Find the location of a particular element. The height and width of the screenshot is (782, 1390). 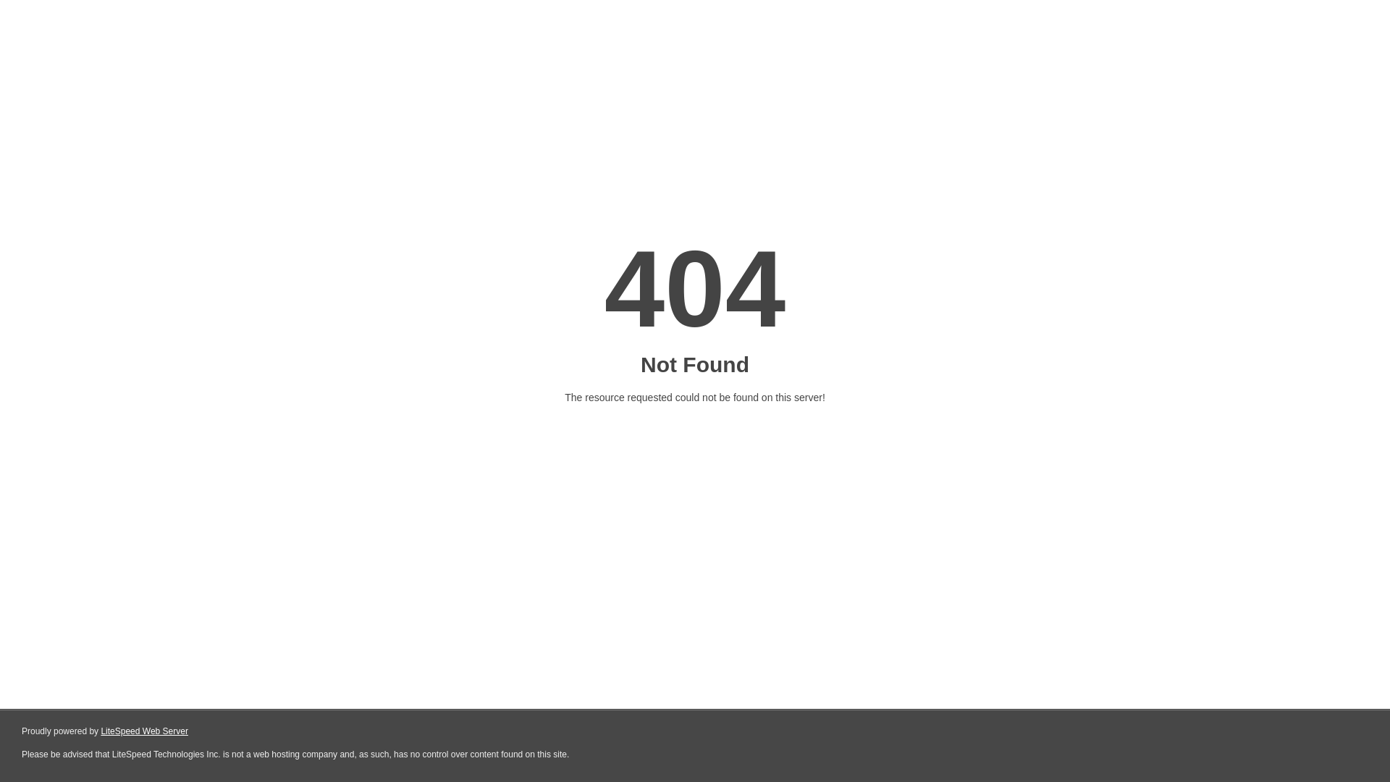

'LiteSpeed Web Server' is located at coordinates (100, 731).